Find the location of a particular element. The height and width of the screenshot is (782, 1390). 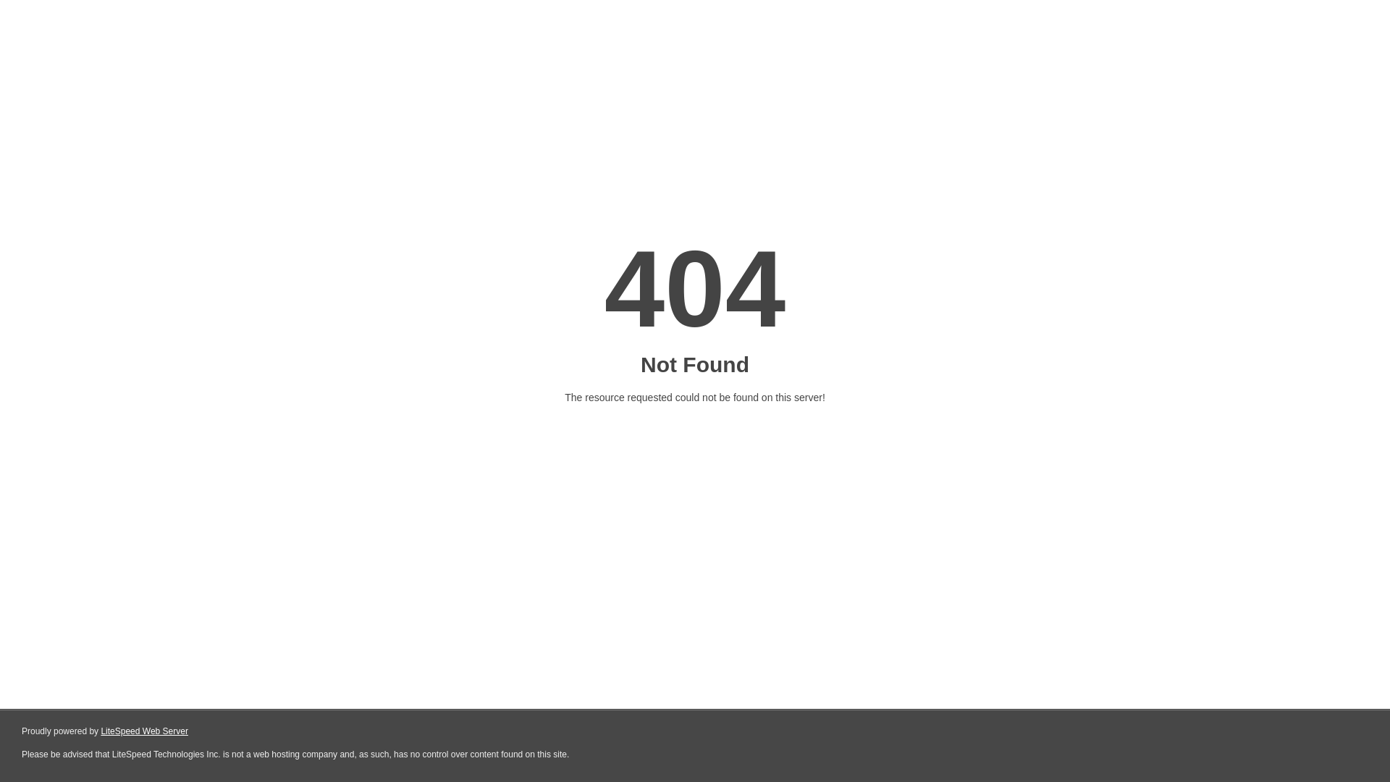

'LiteSpeed Web Server' is located at coordinates (100, 731).